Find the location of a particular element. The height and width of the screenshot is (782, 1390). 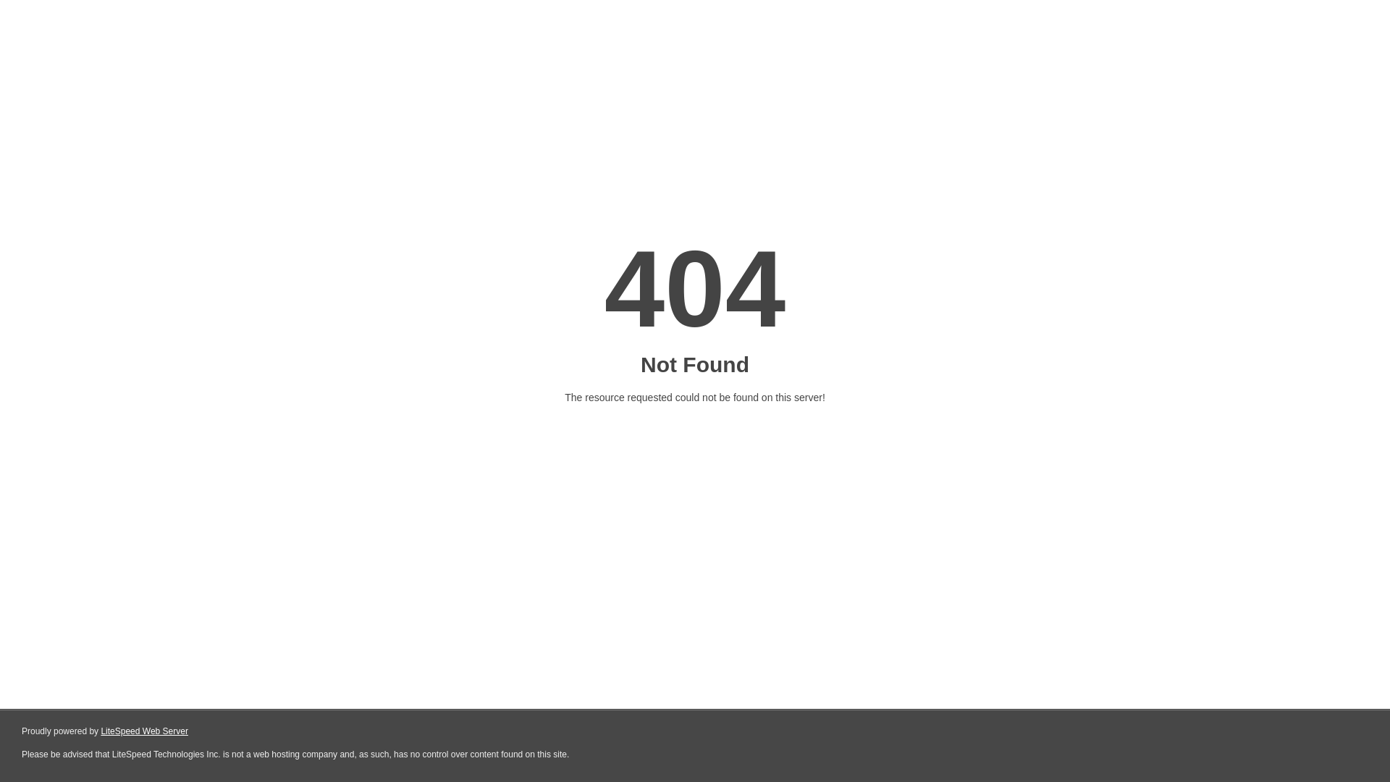

'LiteSpeed Web Server' is located at coordinates (100, 731).